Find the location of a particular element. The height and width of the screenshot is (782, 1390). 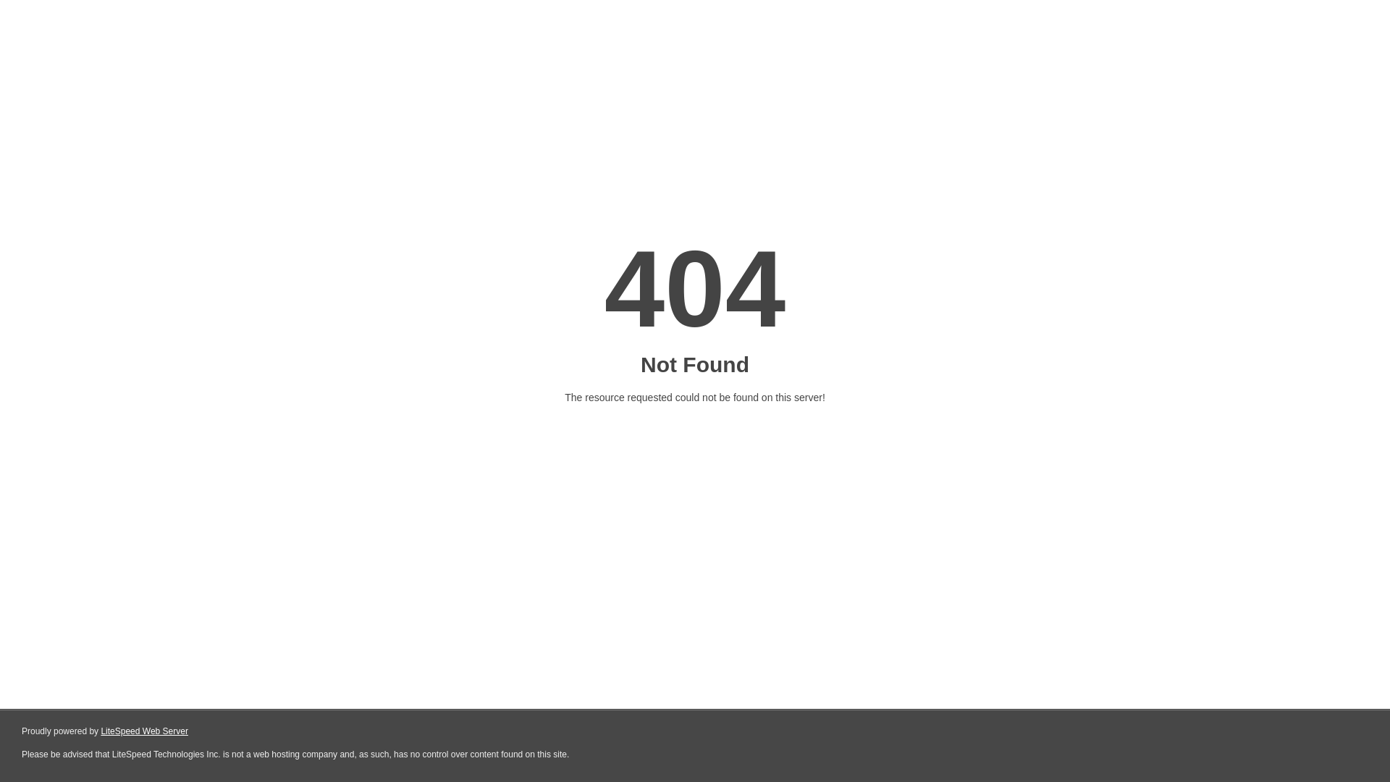

'LiteSpeed Web Server' is located at coordinates (100, 731).